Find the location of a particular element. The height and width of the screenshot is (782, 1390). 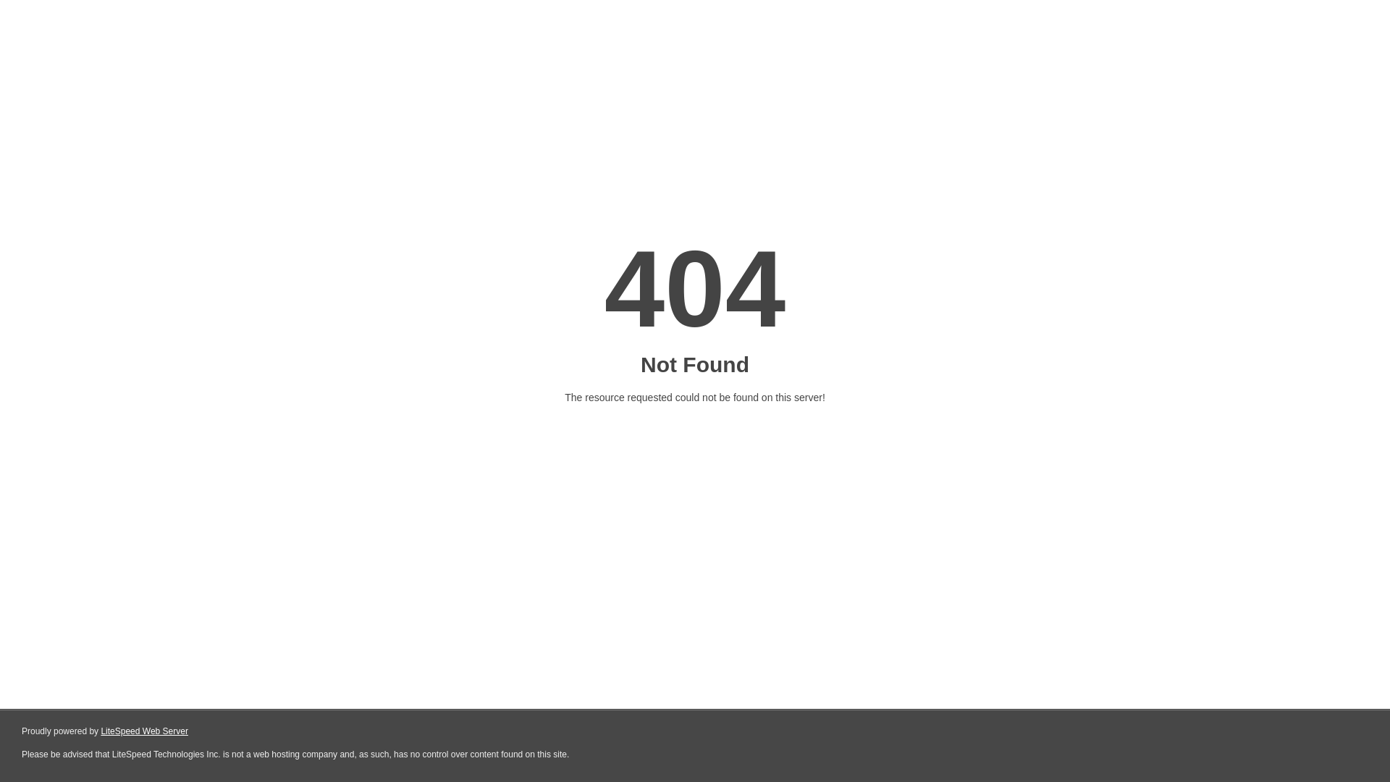

'LiteSpeed Web Server' is located at coordinates (100, 731).